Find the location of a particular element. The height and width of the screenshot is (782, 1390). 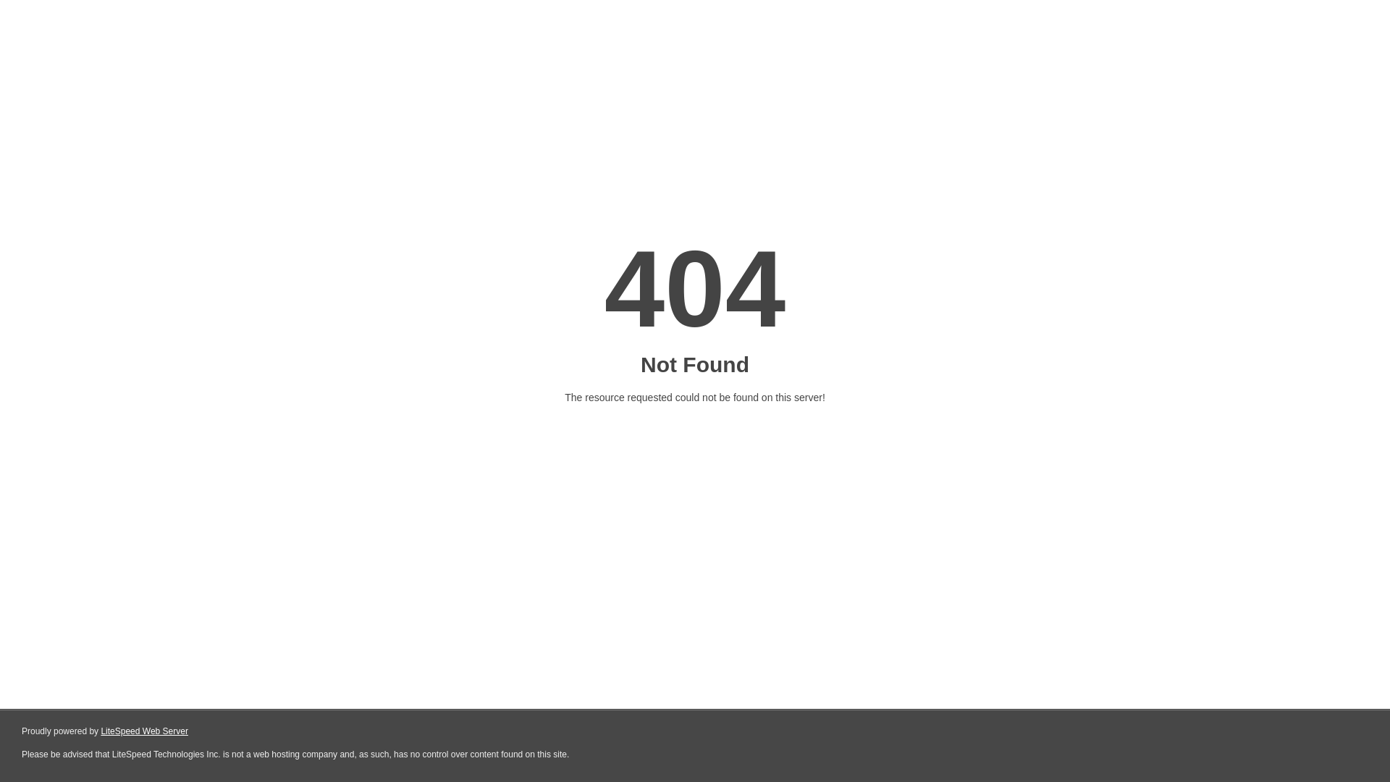

'LiteSpeed Web Server' is located at coordinates (100, 731).